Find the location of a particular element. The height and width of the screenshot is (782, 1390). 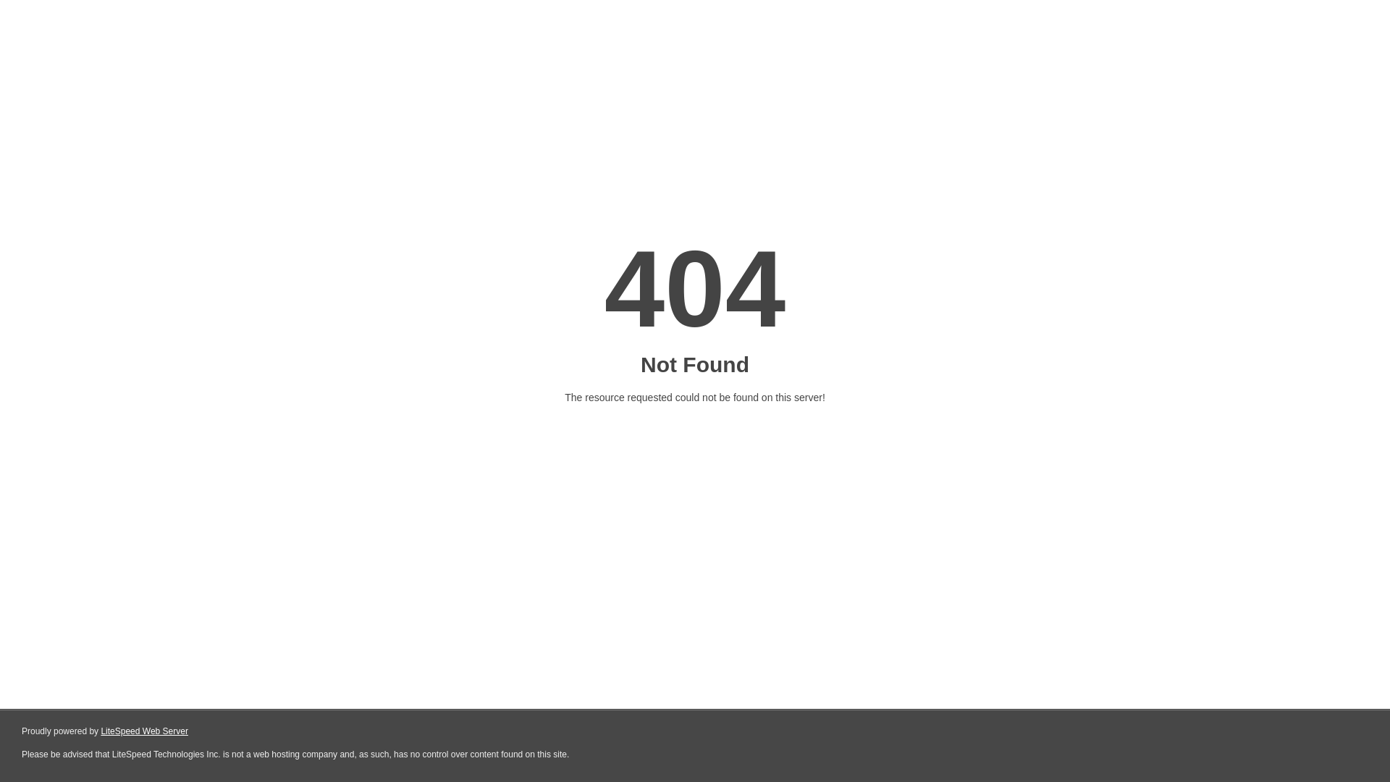

'LiteSpeed Web Server' is located at coordinates (100, 731).